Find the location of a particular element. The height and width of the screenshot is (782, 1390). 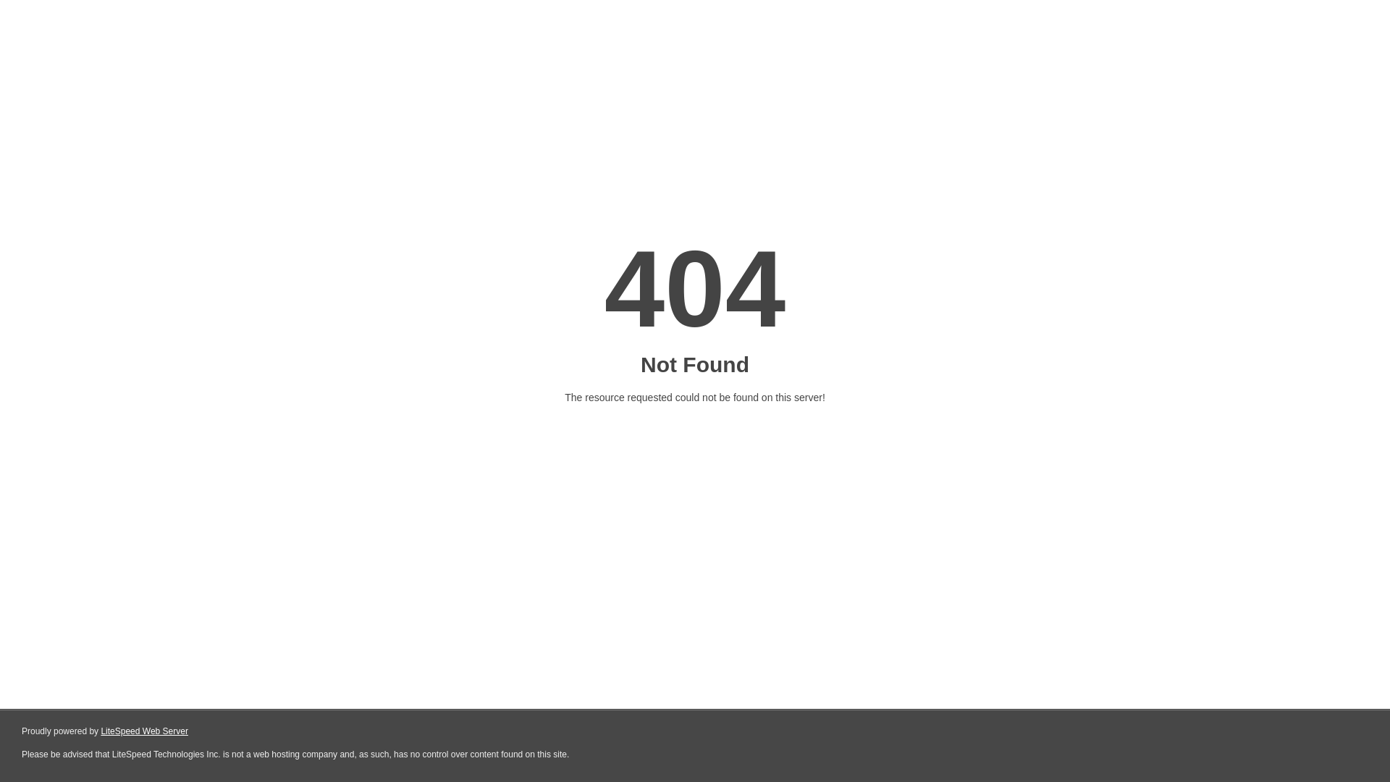

'LiteSpeed Web Server' is located at coordinates (100, 731).